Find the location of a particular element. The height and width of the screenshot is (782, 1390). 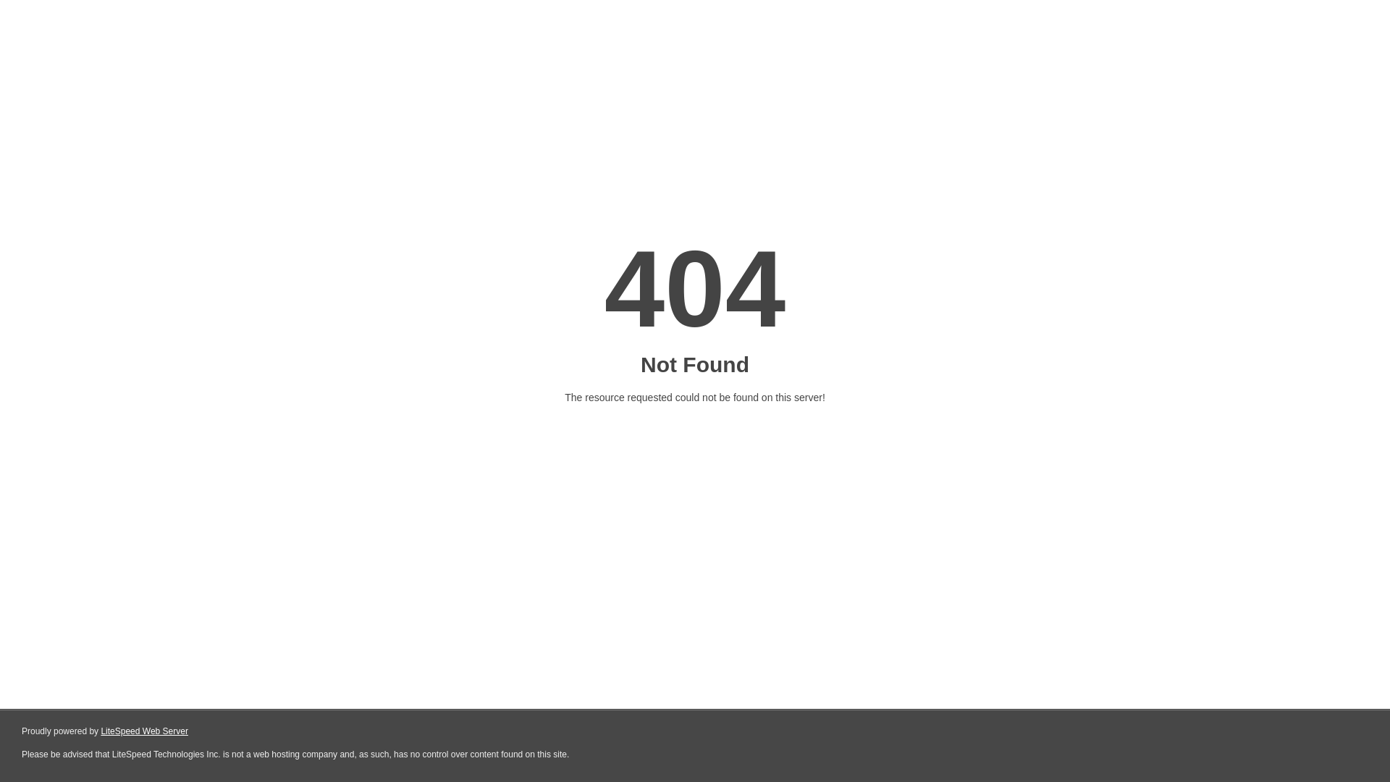

'LiteSpeed Web Server' is located at coordinates (100, 731).